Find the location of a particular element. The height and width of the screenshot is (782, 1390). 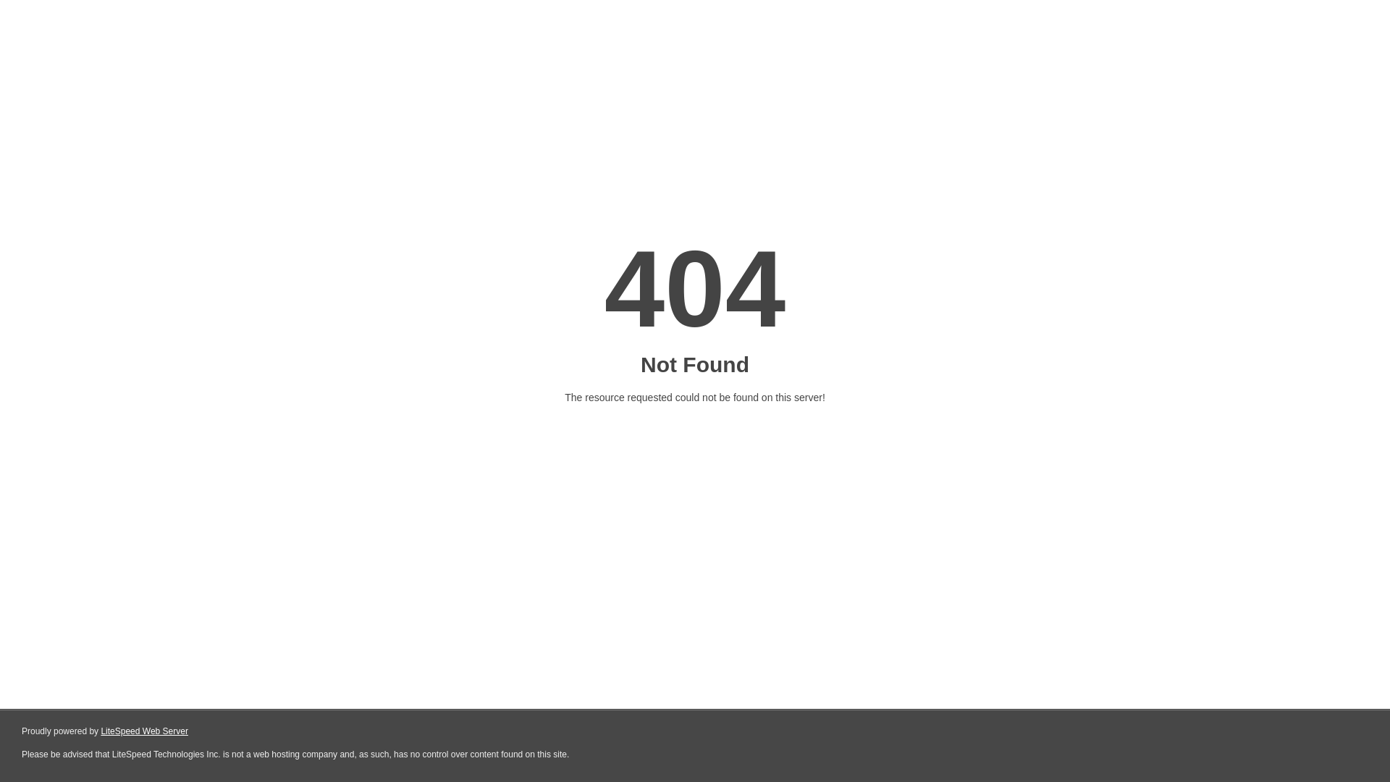

'LiteSpeed Web Server' is located at coordinates (100, 731).